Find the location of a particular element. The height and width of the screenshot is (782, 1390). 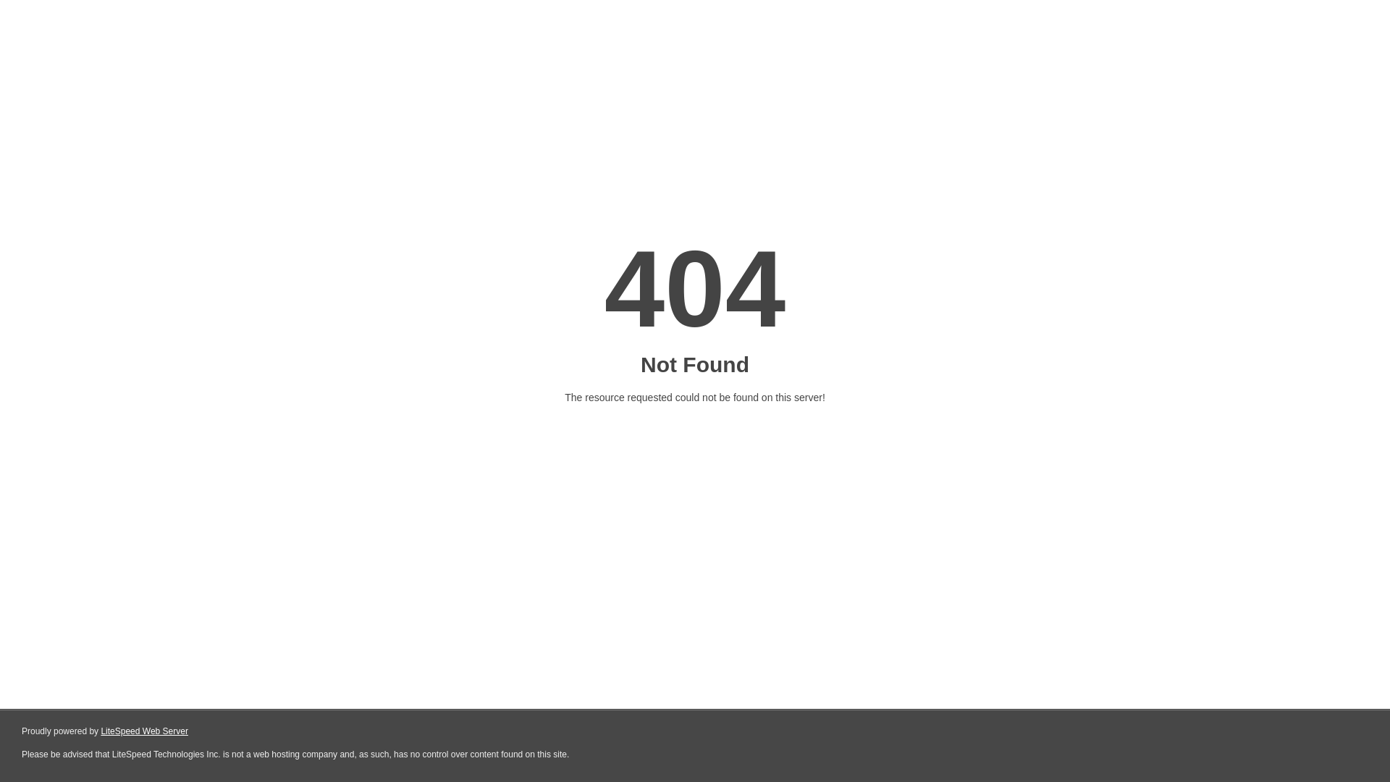

'LiteSpeed Web Server' is located at coordinates (100, 731).